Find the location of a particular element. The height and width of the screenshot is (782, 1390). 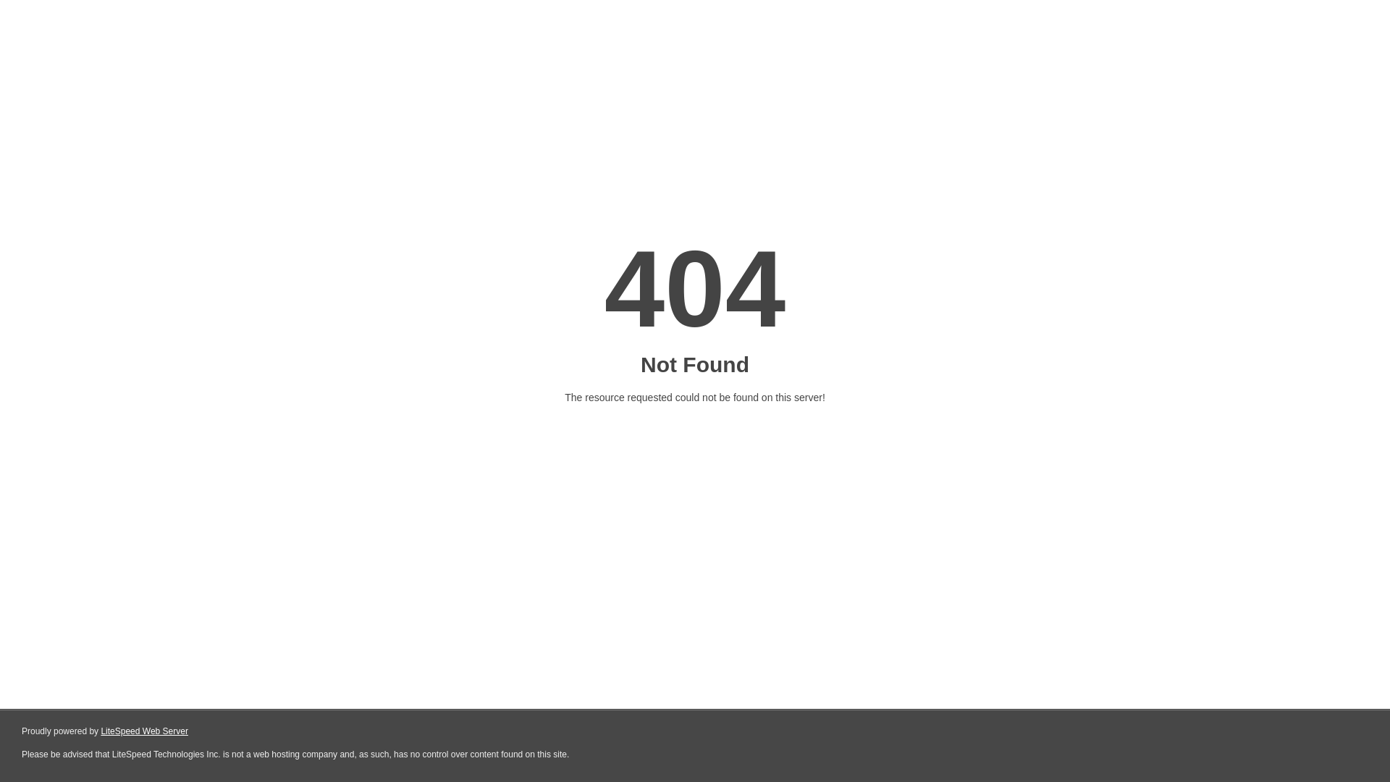

'LiteSpeed Web Server' is located at coordinates (100, 731).